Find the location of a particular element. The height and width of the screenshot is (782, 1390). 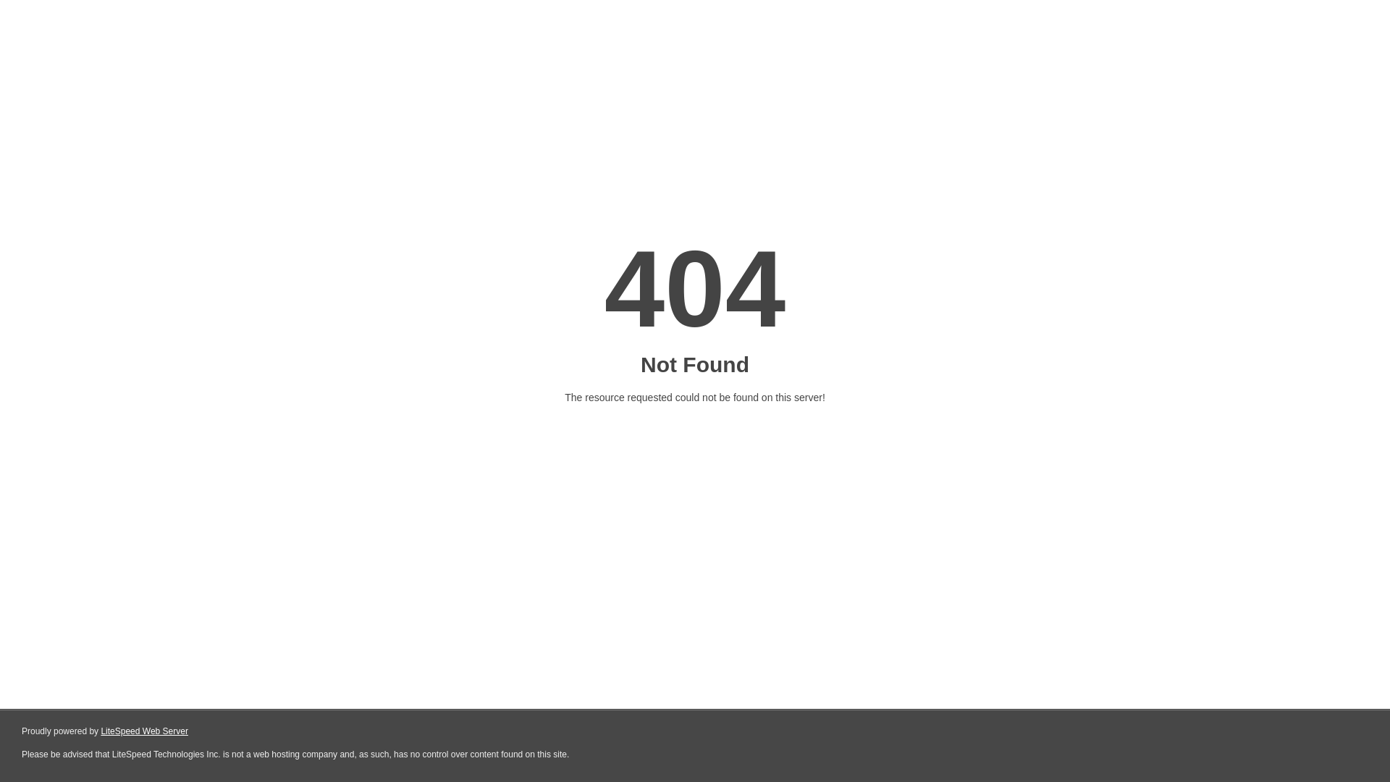

'LiteSpeed Web Server' is located at coordinates (100, 731).